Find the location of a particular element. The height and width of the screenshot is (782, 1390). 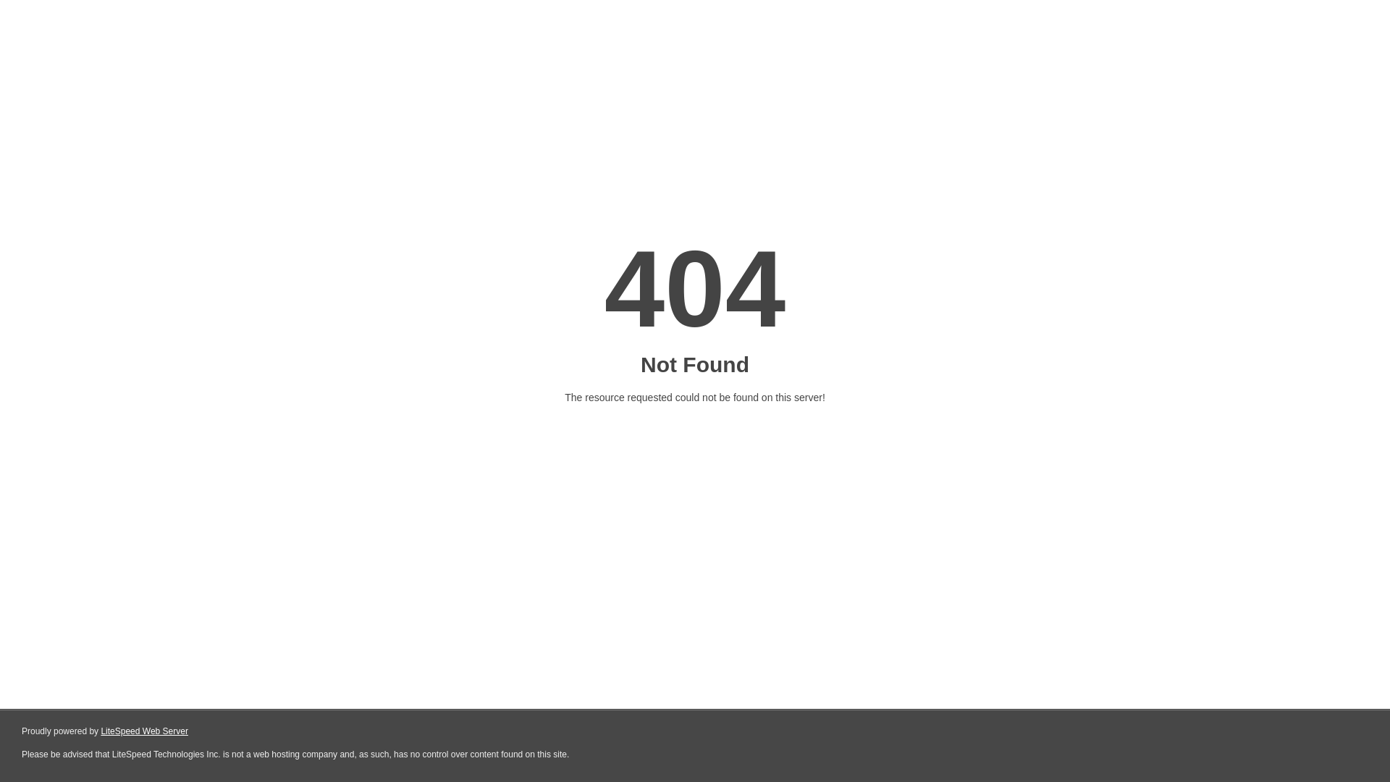

'LiteSpeed Web Server' is located at coordinates (100, 731).